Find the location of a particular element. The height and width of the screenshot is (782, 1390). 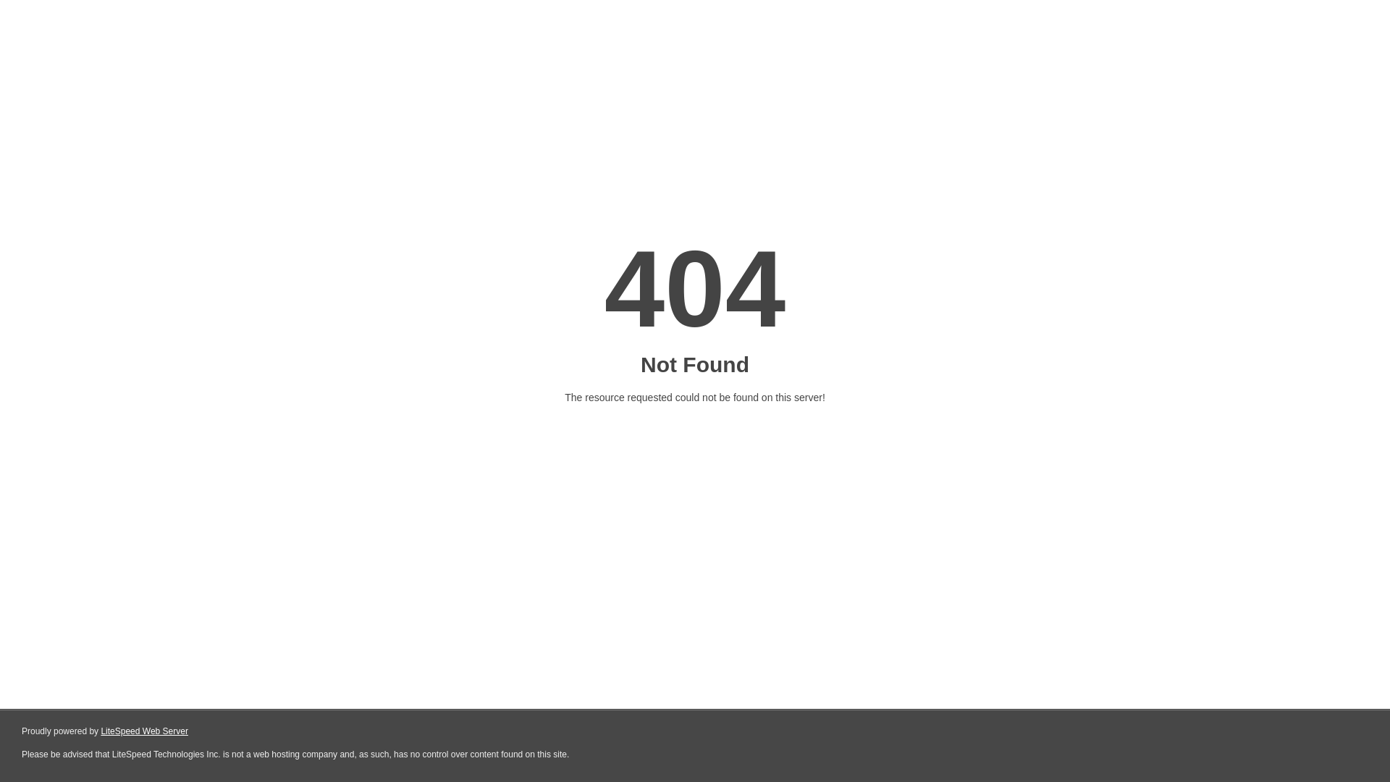

'LiteSpeed Web Server' is located at coordinates (100, 731).